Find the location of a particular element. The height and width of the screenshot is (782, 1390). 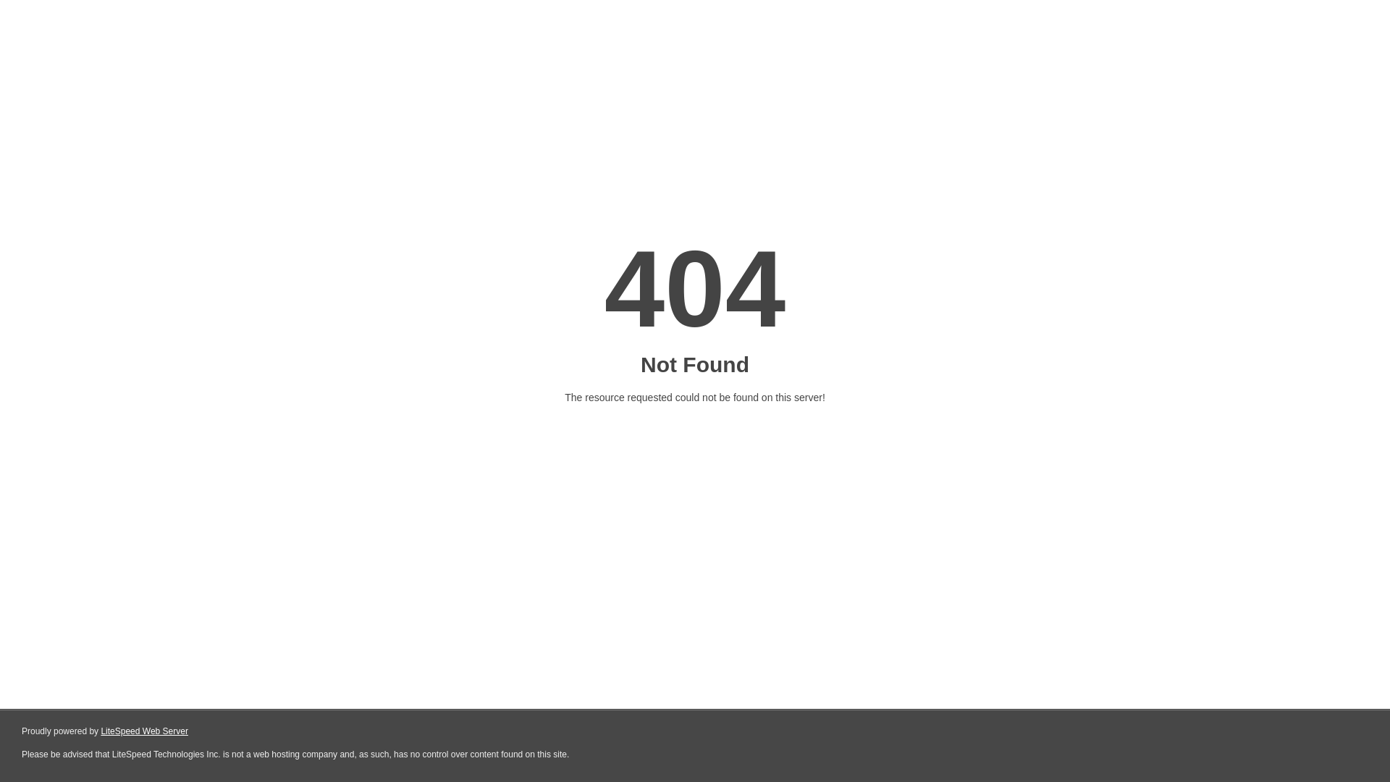

'LiteSpeed Web Server' is located at coordinates (100, 731).